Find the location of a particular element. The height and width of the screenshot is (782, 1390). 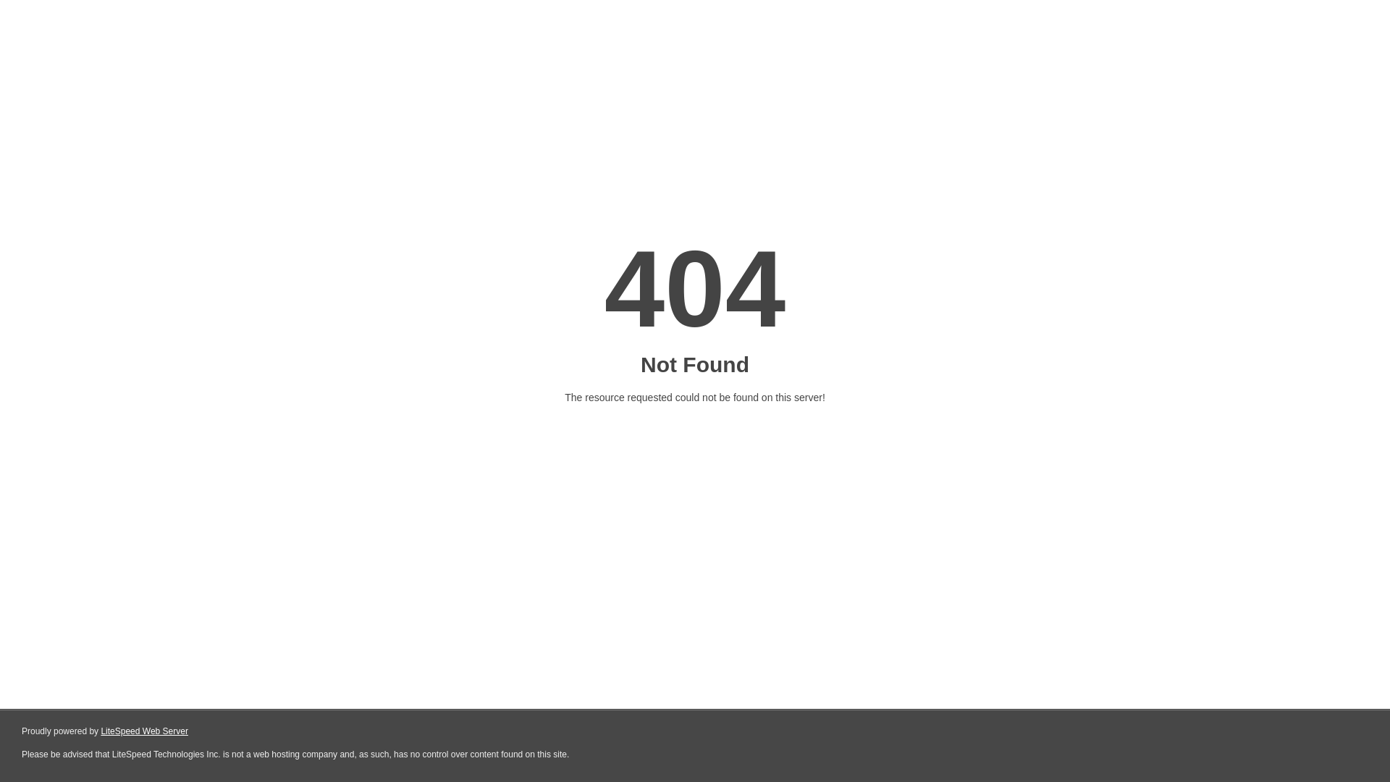

'LiteSpeed Web Server' is located at coordinates (100, 731).